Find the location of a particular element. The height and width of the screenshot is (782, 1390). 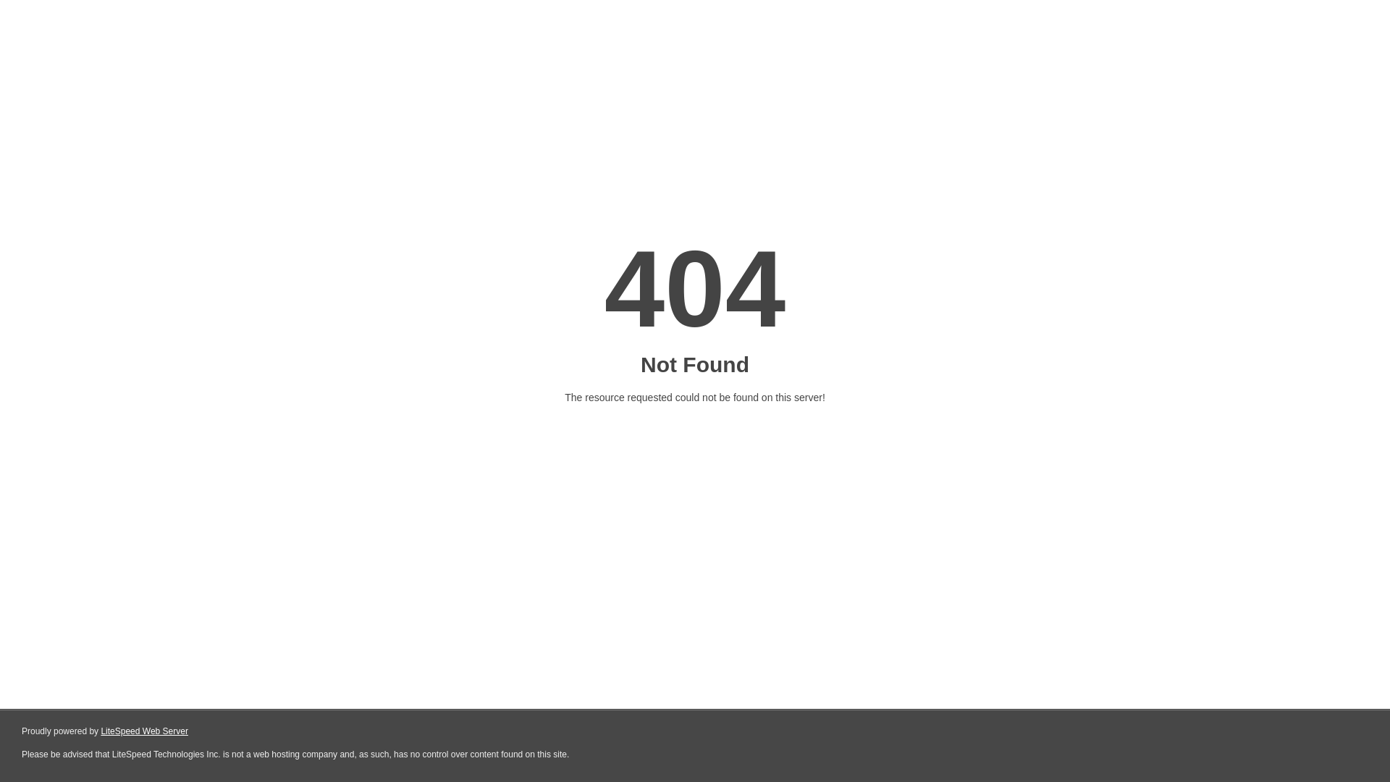

'LiteSpeed Web Server' is located at coordinates (100, 731).